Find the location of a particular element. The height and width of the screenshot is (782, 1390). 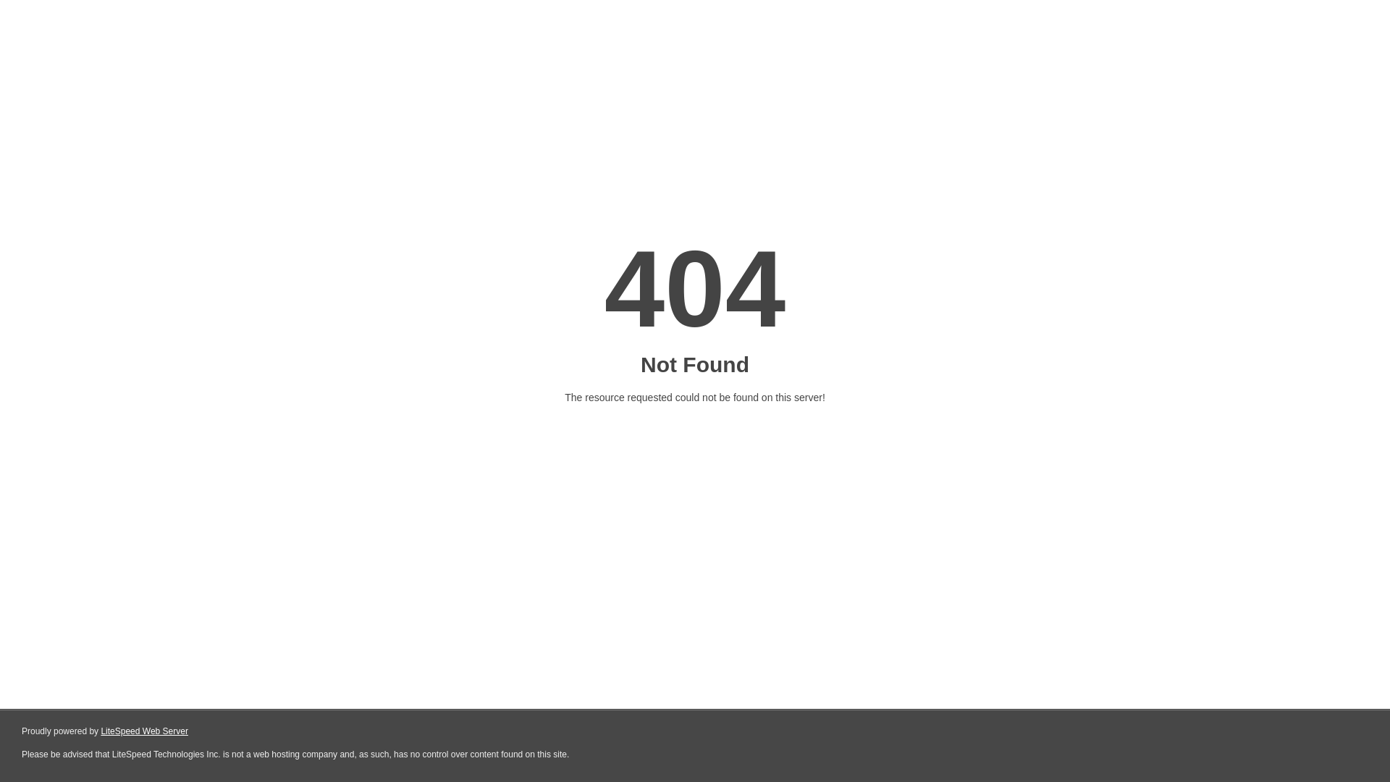

'LiteSpeed Web Server' is located at coordinates (100, 731).